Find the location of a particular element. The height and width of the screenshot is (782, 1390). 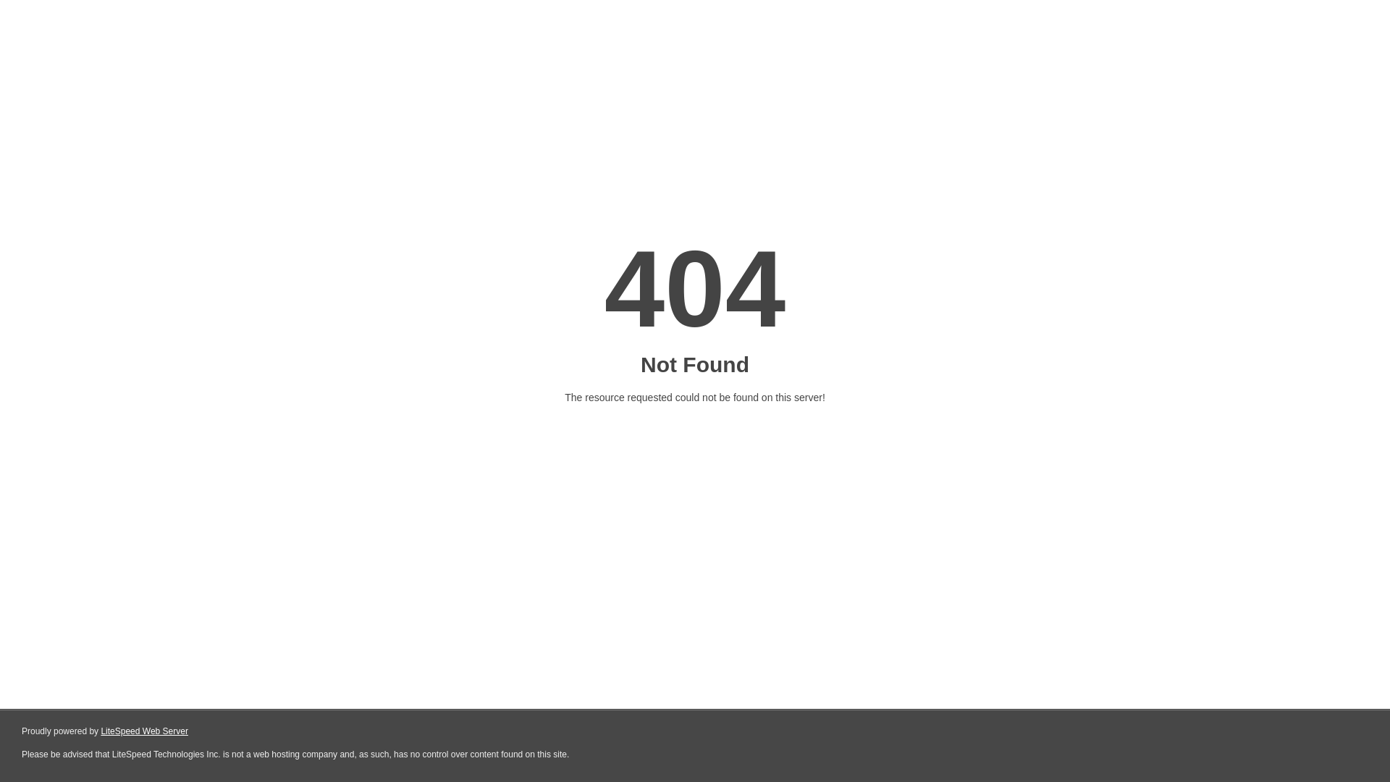

'LiteSpeed Web Server' is located at coordinates (100, 731).